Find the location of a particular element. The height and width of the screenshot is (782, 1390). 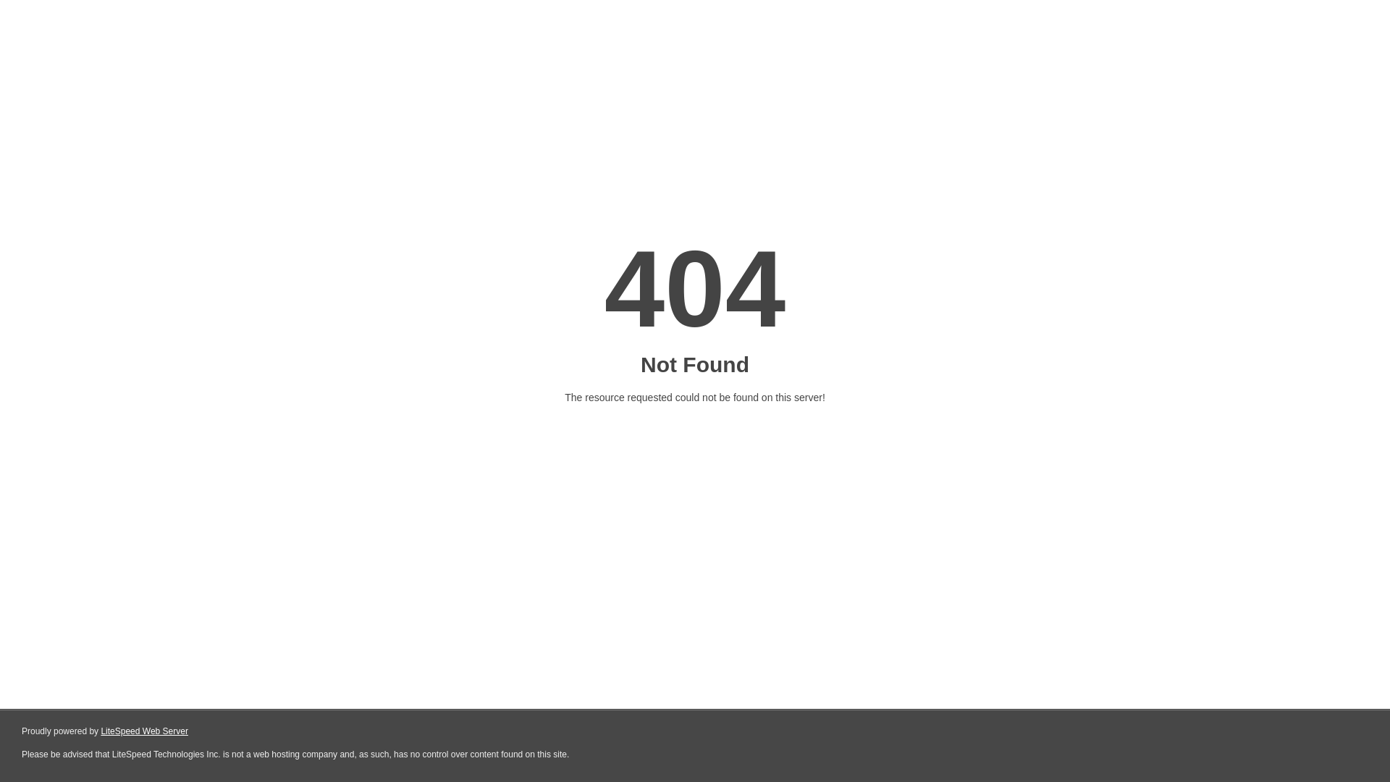

'LiteSpeed Web Server' is located at coordinates (100, 731).